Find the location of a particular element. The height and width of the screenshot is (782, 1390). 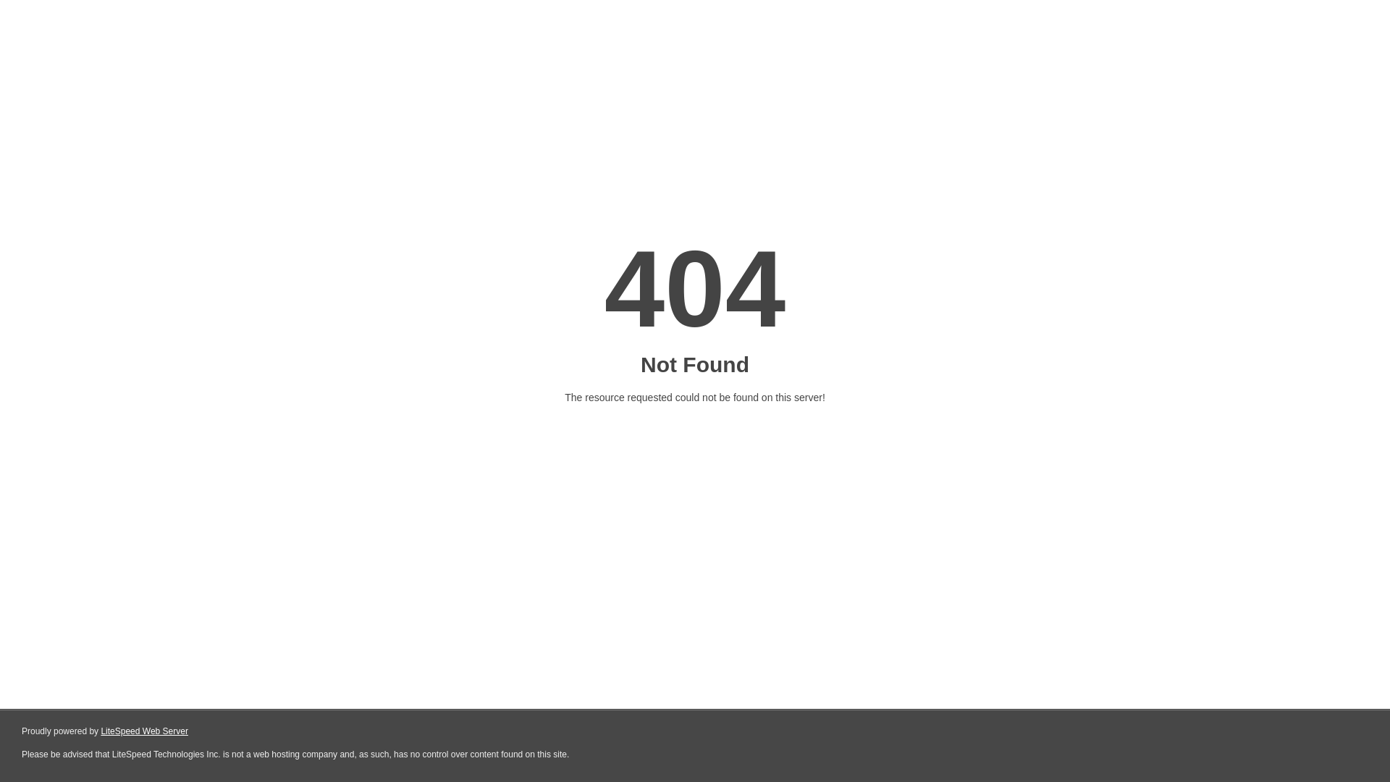

'LiteSpeed Web Server' is located at coordinates (100, 731).